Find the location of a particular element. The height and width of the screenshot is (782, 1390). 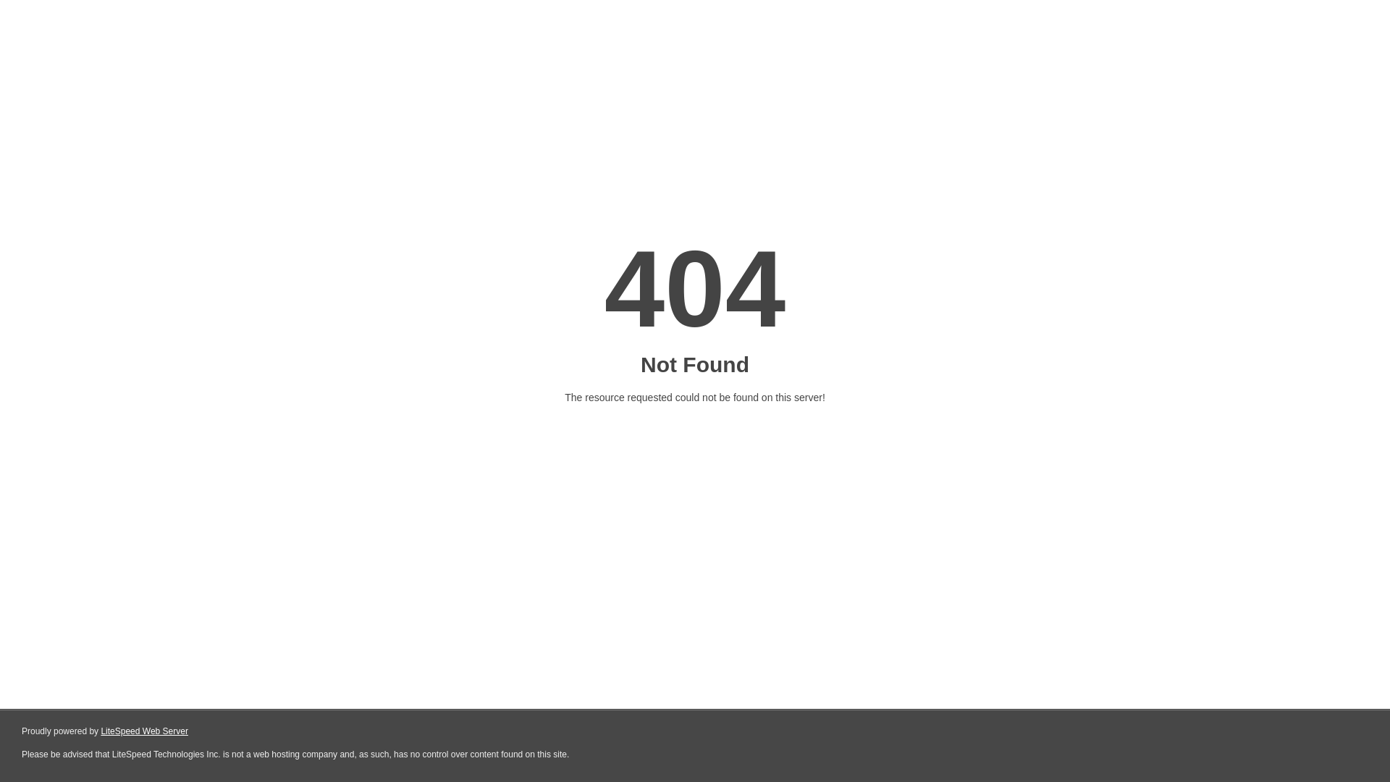

'LiteSpeed Web Server' is located at coordinates (100, 731).